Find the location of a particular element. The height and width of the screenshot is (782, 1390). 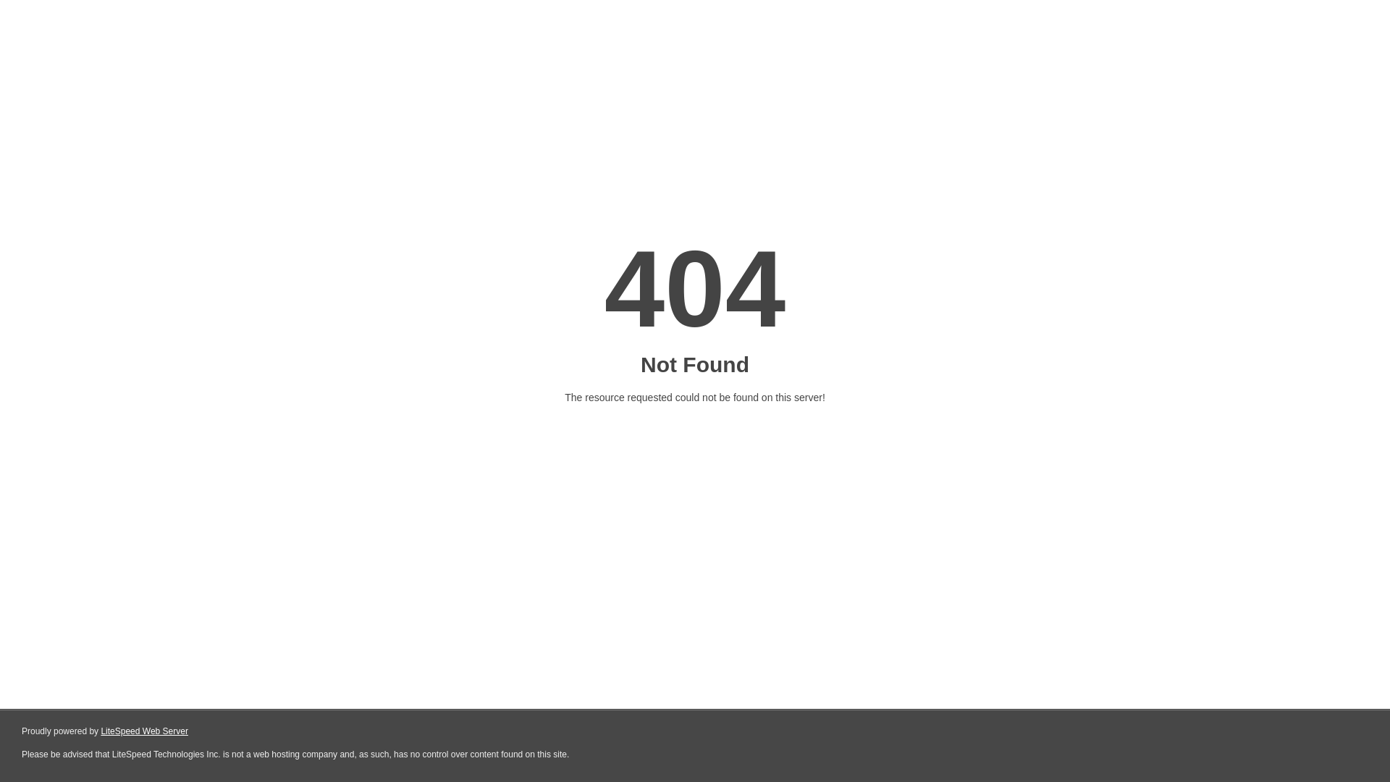

'LiteSpeed Web Server' is located at coordinates (100, 731).